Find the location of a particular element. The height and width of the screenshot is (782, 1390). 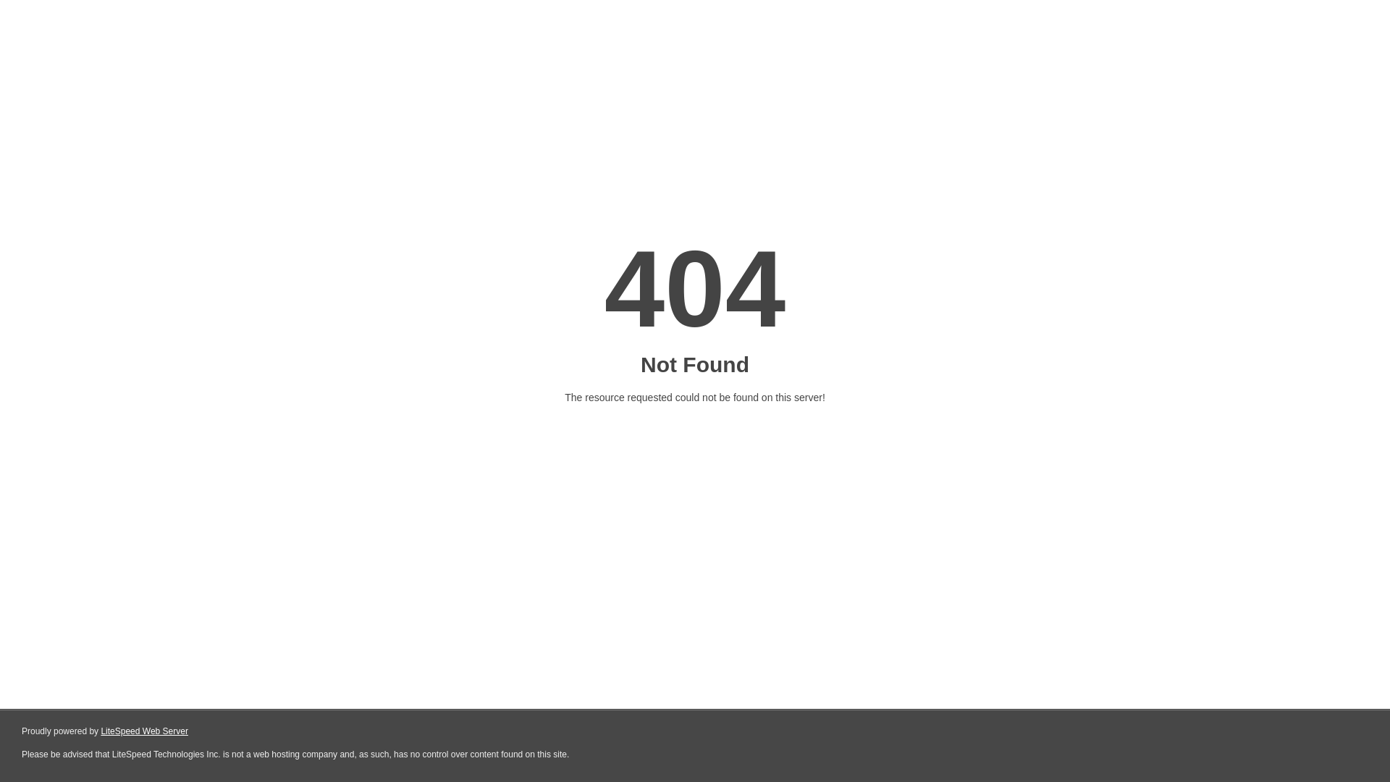

'LiteSpeed Web Server' is located at coordinates (100, 731).